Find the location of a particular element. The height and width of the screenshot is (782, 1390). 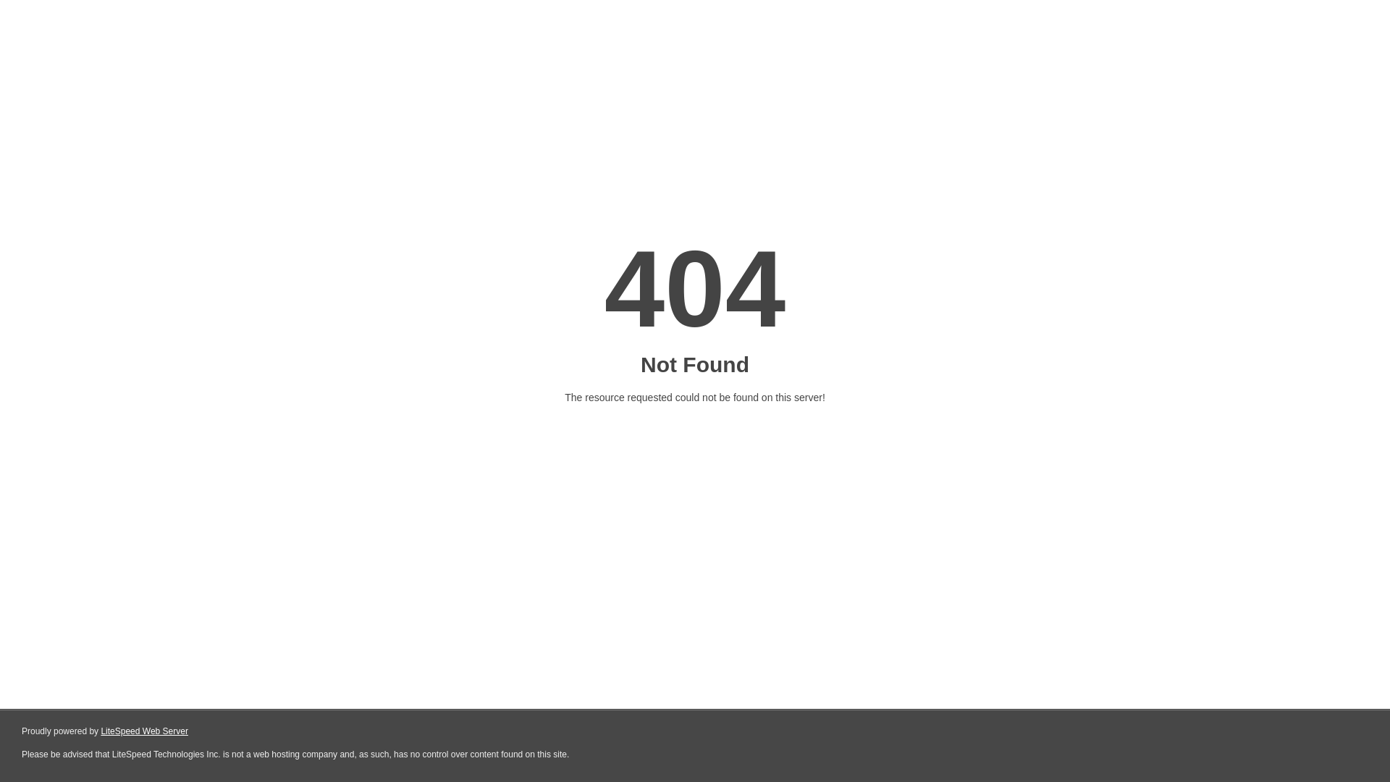

'LiteSpeed Web Server' is located at coordinates (100, 731).